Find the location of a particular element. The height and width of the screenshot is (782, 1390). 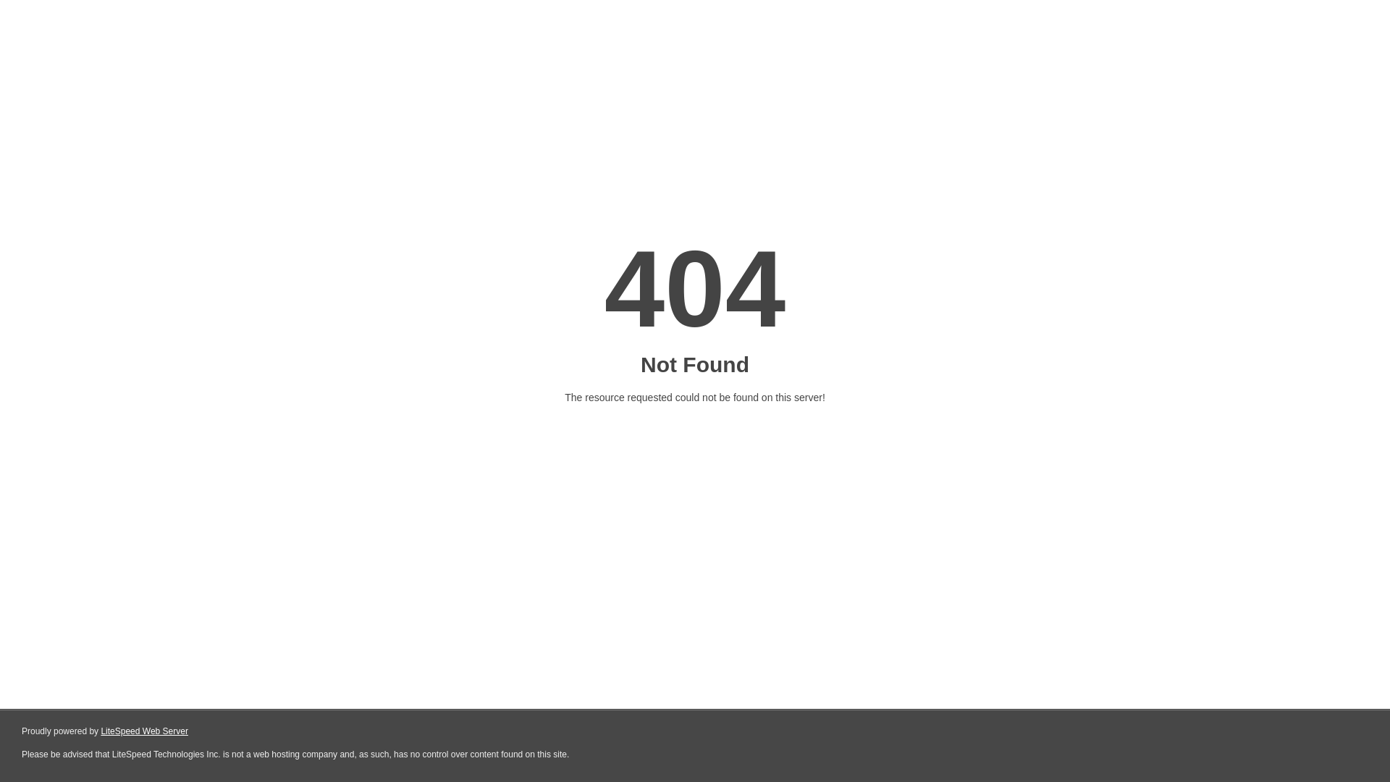

'LiteSpeed Web Server' is located at coordinates (100, 731).